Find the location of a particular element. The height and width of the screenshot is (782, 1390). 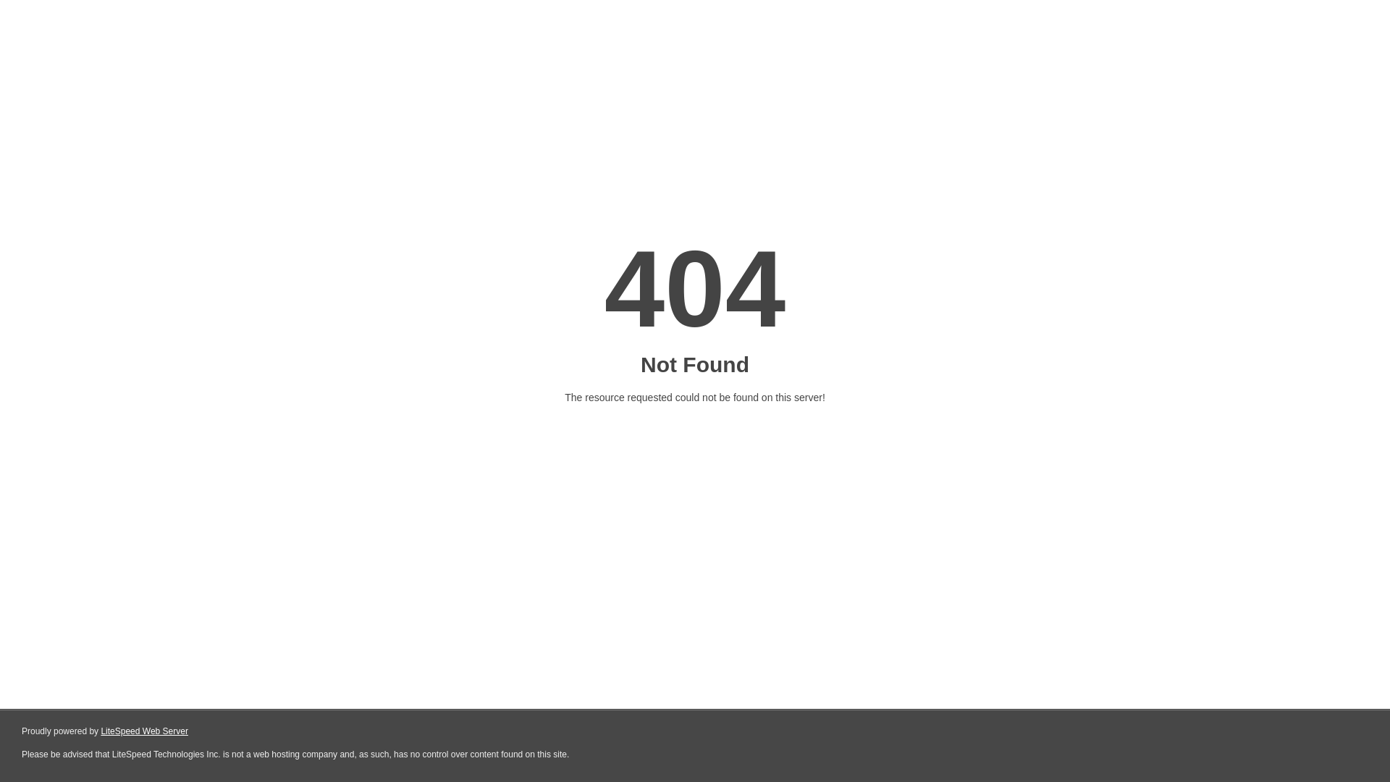

'LiteSpeed Web Server' is located at coordinates (100, 731).